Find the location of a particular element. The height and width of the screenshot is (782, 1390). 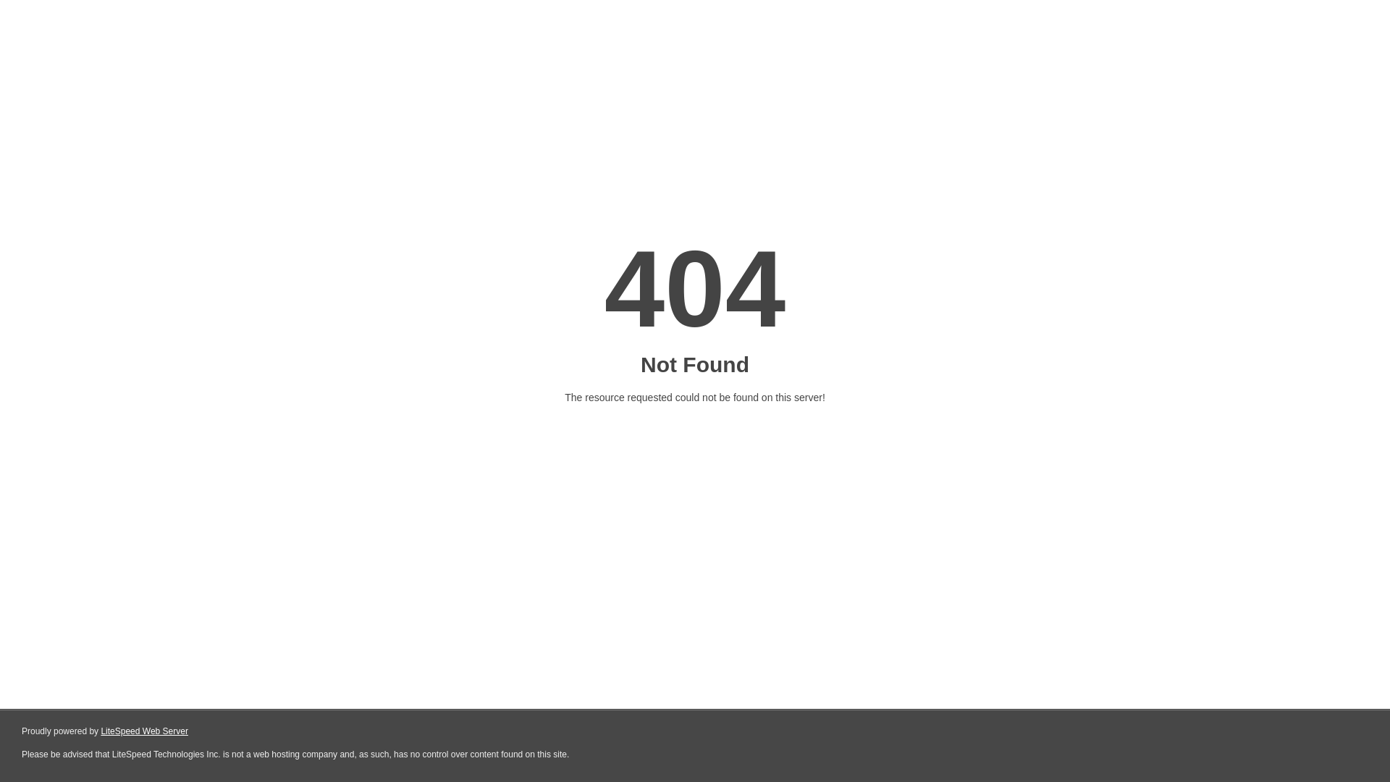

'LiteSpeed Web Server' is located at coordinates (100, 731).